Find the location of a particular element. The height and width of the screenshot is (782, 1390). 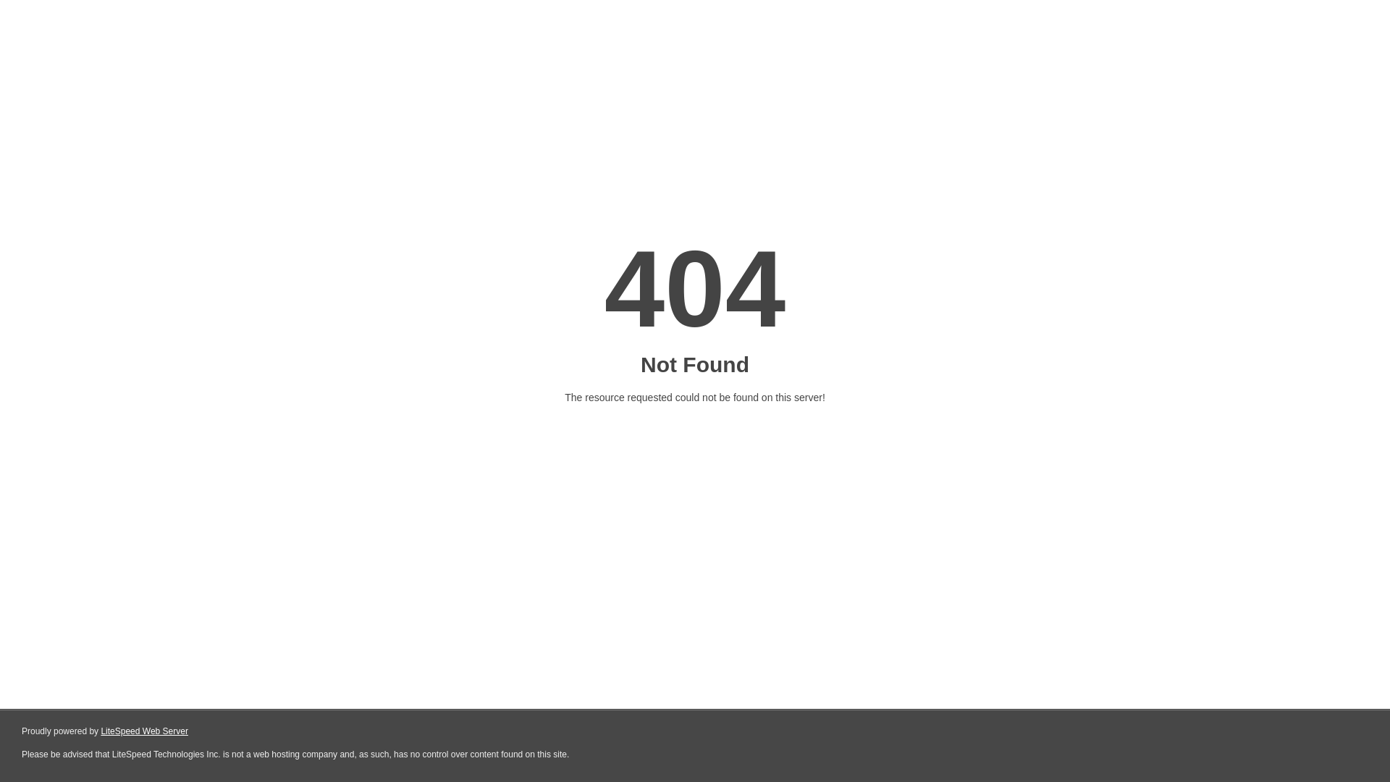

'LiteSpeed Web Server' is located at coordinates (100, 731).